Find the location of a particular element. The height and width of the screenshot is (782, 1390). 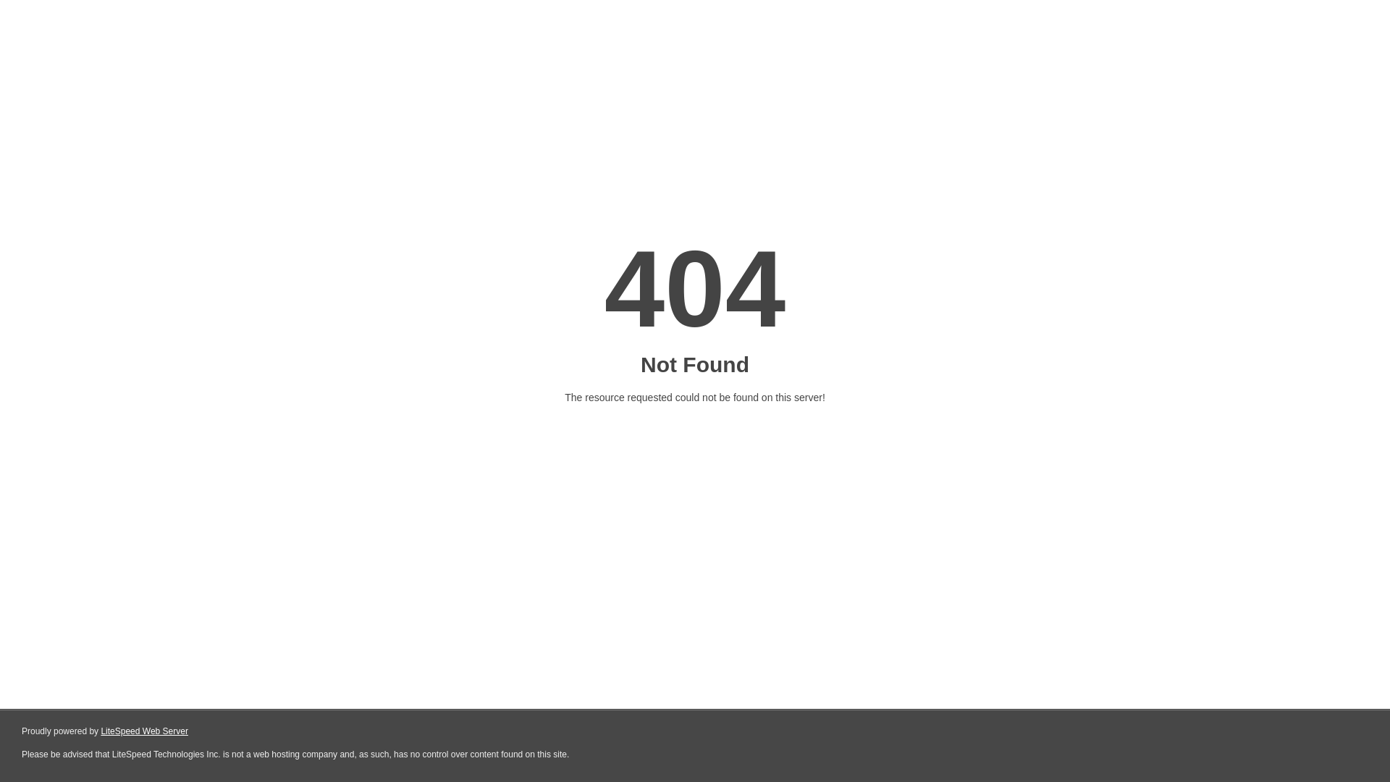

'LiteSpeed Web Server' is located at coordinates (100, 731).